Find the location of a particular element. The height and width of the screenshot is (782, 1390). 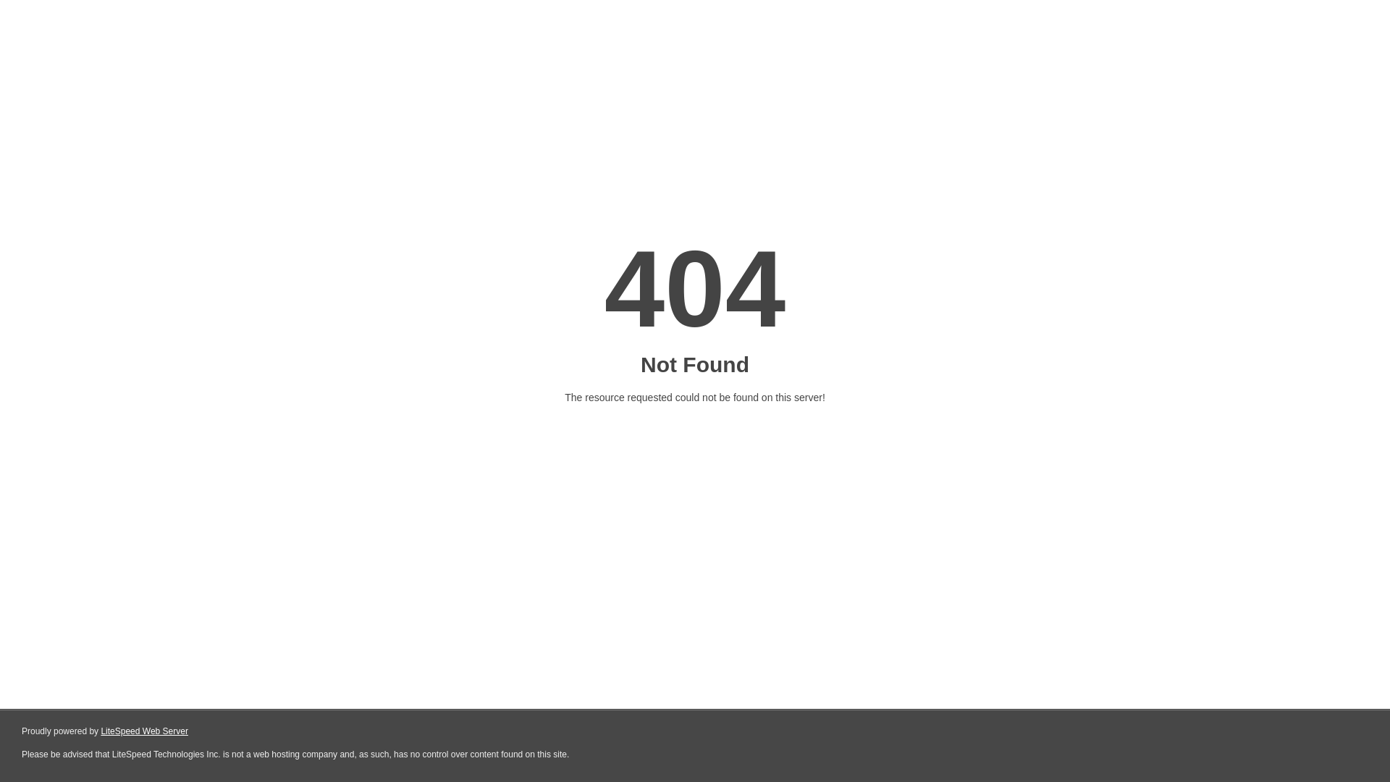

'LiteSpeed Web Server' is located at coordinates (100, 731).